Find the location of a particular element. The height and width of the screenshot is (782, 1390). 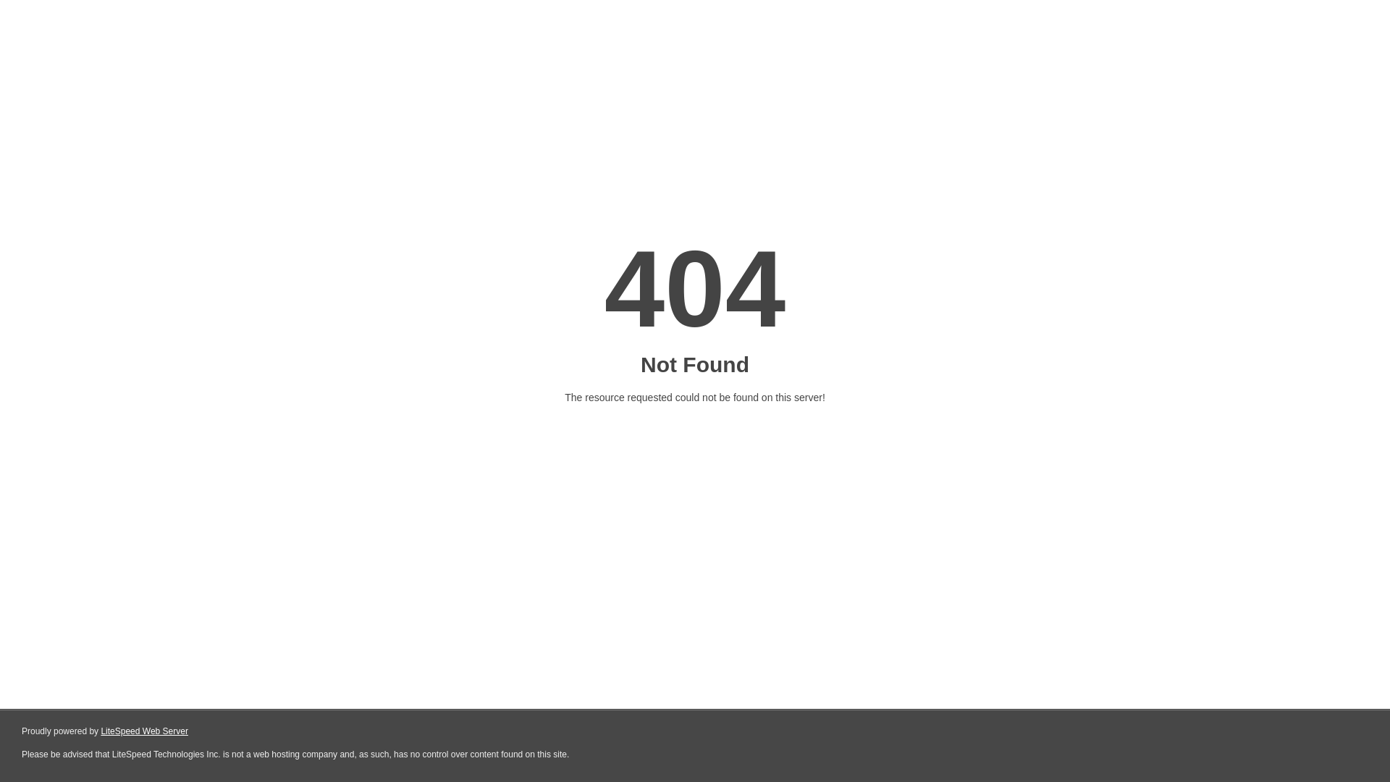

'LiteSpeed Web Server' is located at coordinates (100, 731).